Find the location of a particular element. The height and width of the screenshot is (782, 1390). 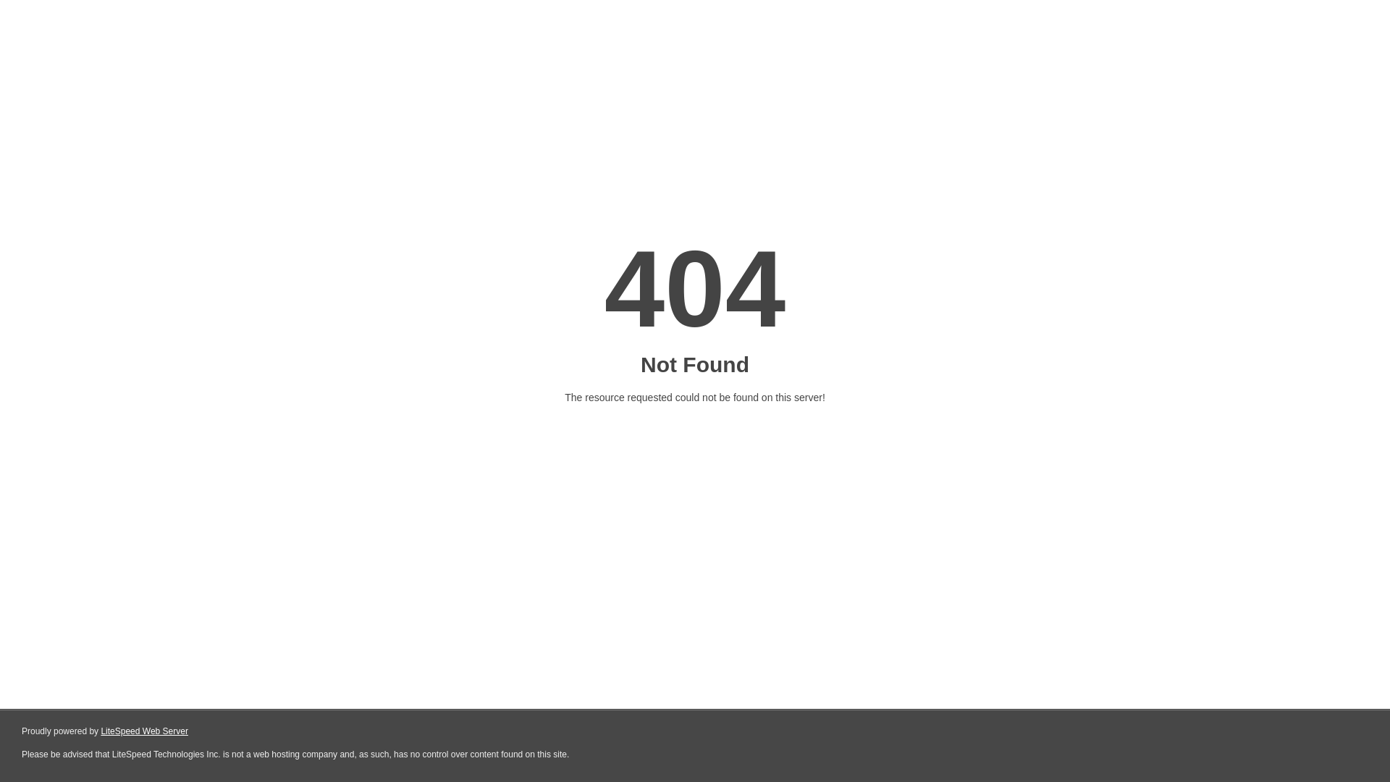

'LiteSpeed Web Server' is located at coordinates (100, 731).